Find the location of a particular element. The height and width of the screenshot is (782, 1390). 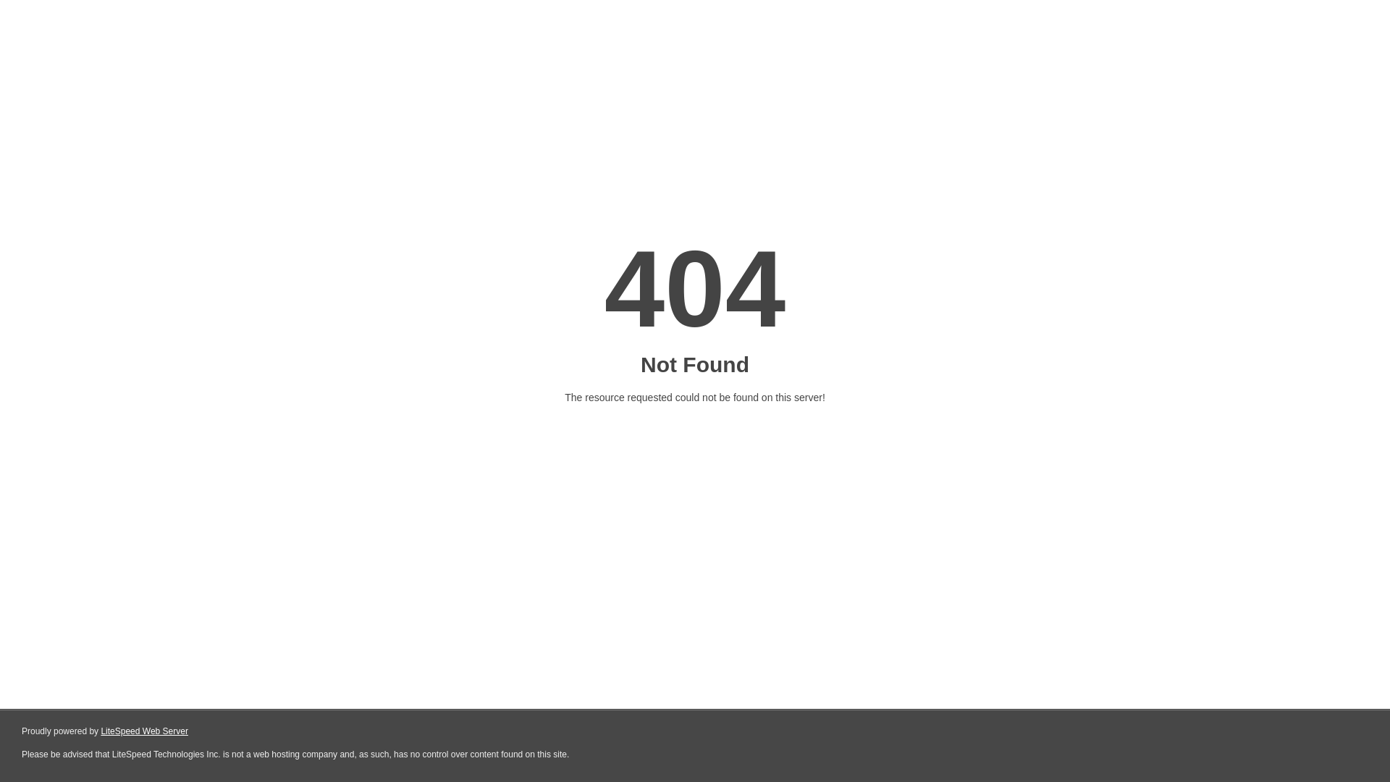

'LiteSpeed Web Server' is located at coordinates (100, 731).